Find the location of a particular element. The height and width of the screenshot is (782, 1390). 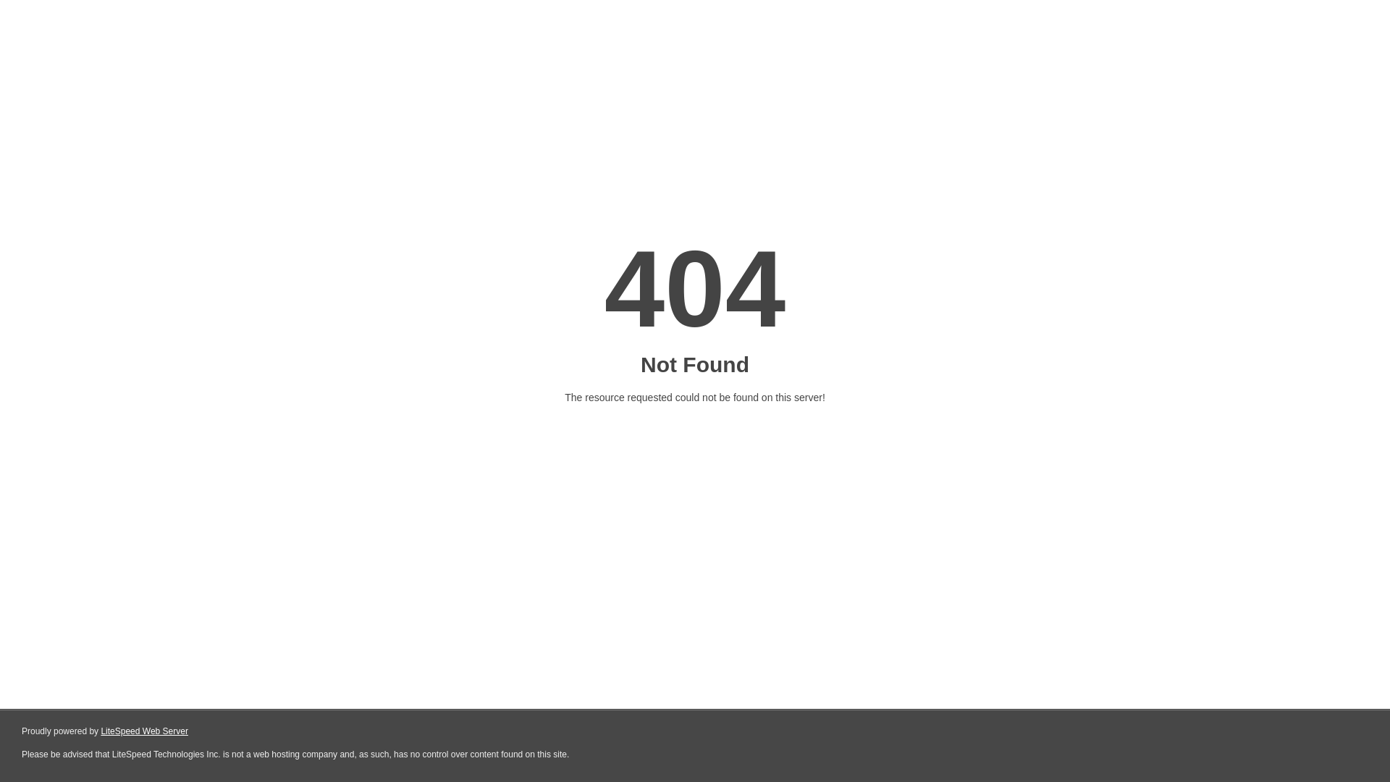

'LiteSpeed Web Server' is located at coordinates (100, 731).